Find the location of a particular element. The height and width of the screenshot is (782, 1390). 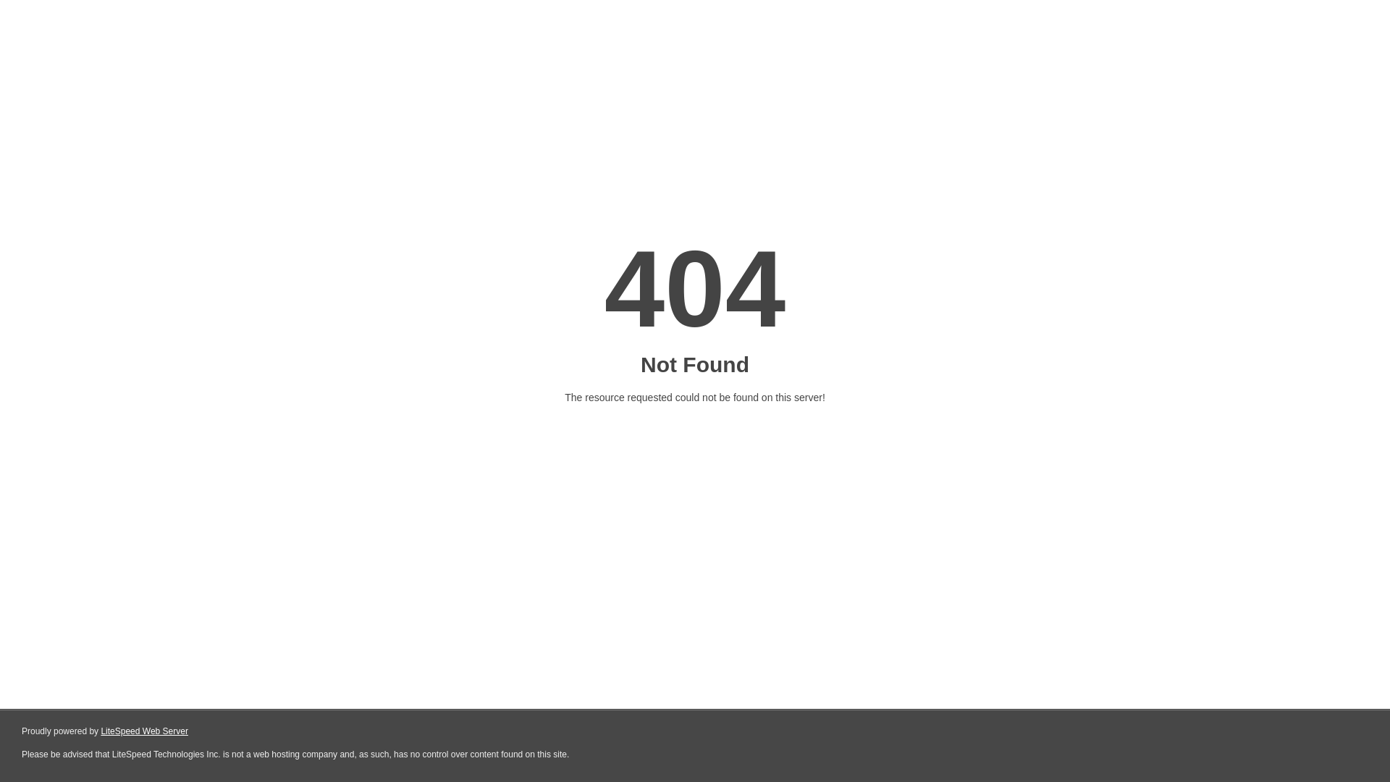

'LiteSpeed Web Server' is located at coordinates (100, 731).